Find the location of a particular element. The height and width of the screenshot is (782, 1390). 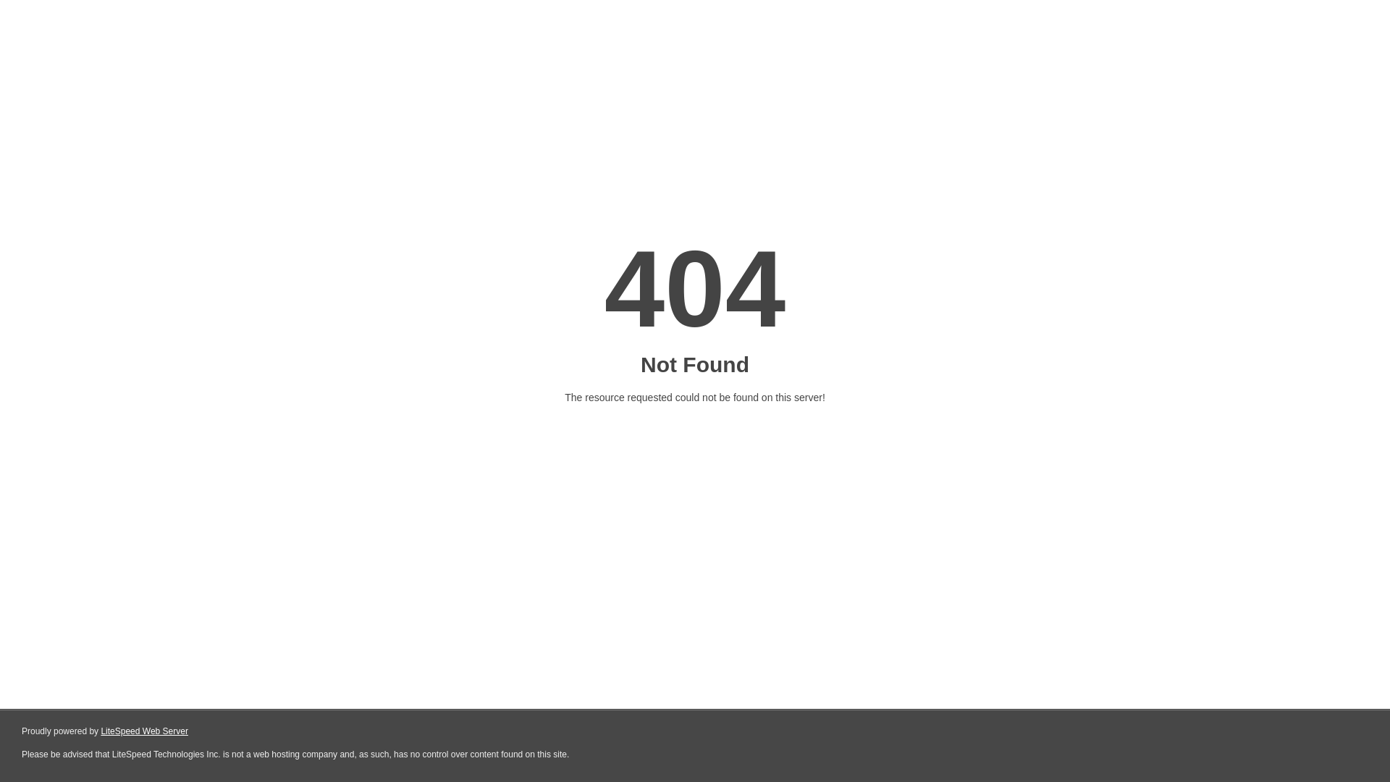

'LiteSpeed Web Server' is located at coordinates (100, 731).